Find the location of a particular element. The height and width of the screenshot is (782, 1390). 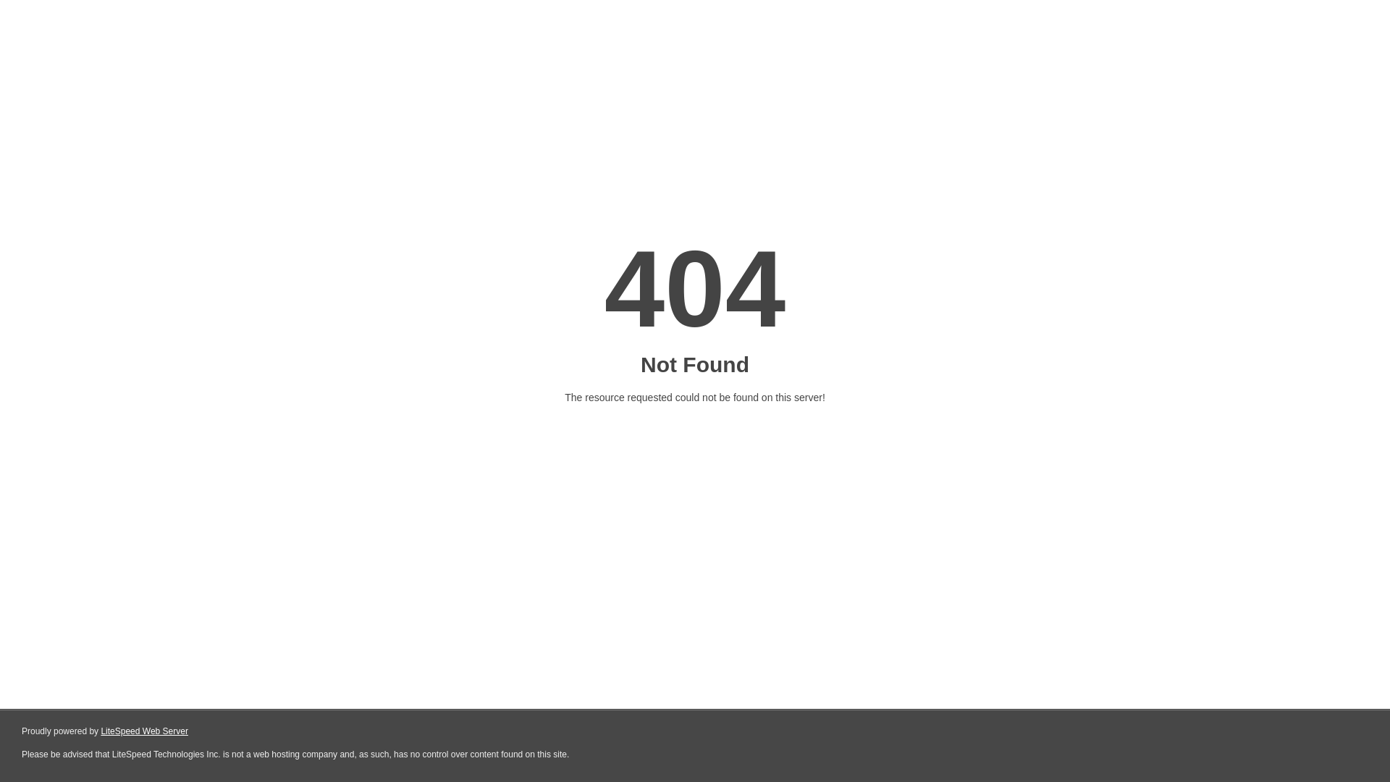

'LiteSpeed Web Server' is located at coordinates (100, 731).